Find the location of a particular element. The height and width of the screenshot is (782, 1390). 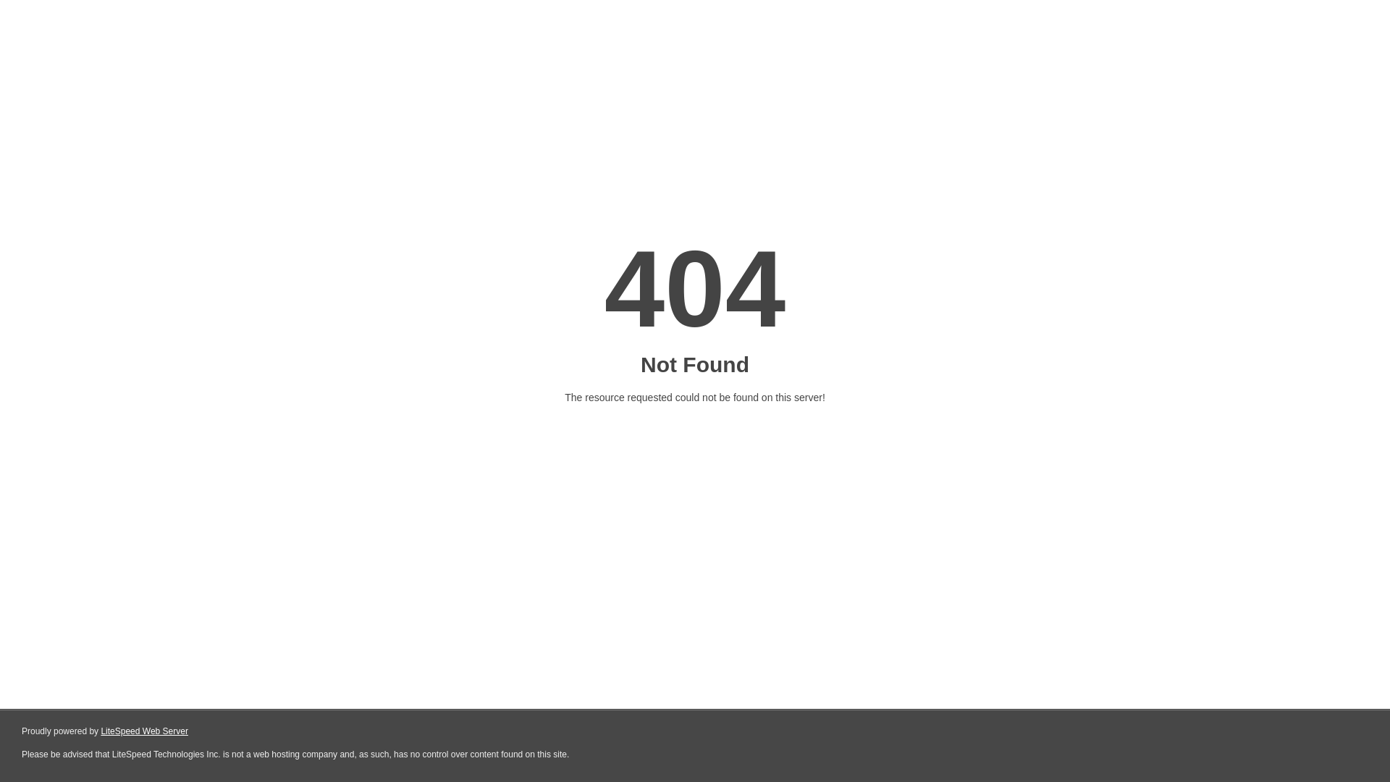

'LiteSpeed Web Server' is located at coordinates (100, 731).